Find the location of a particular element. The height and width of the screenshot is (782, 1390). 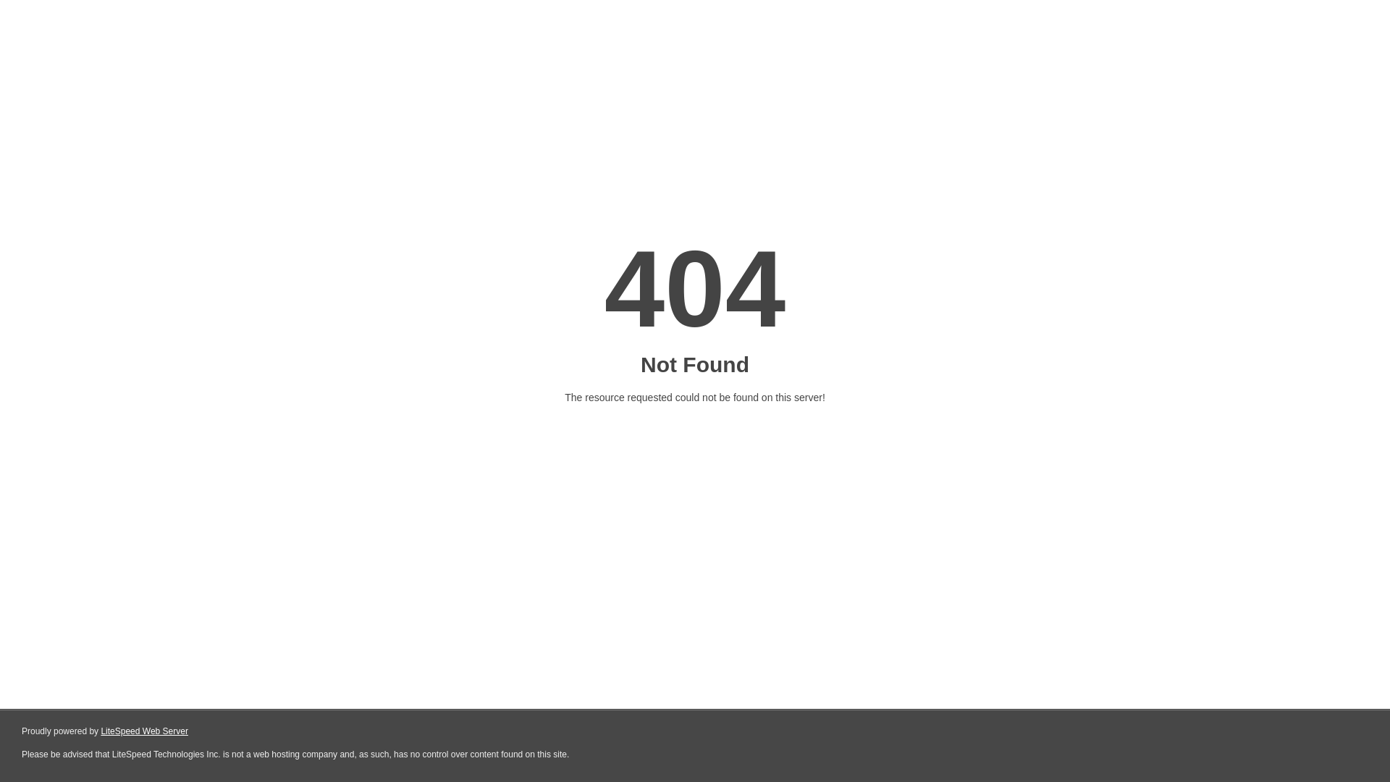

'LiteSpeed Web Server' is located at coordinates (100, 731).